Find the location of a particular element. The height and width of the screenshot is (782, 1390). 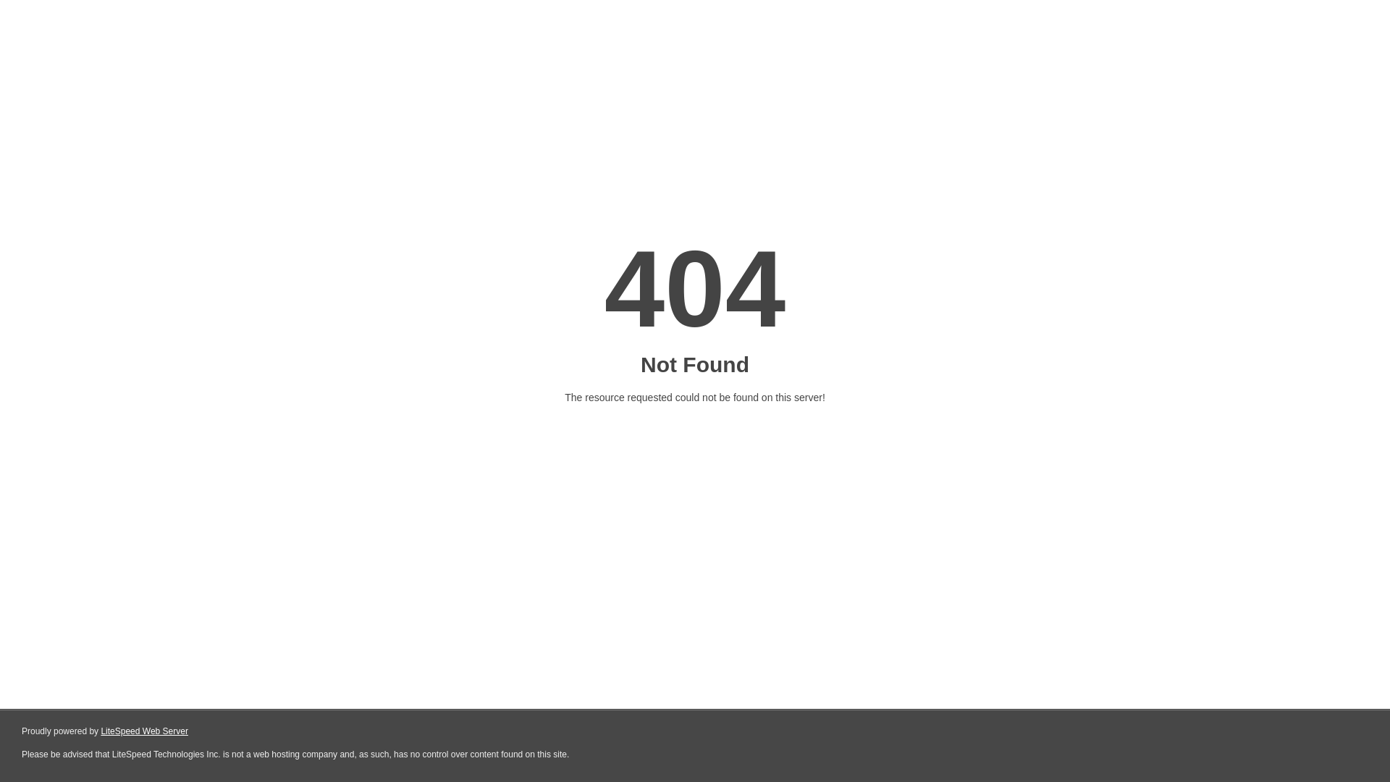

'LiteSpeed Web Server' is located at coordinates (100, 731).